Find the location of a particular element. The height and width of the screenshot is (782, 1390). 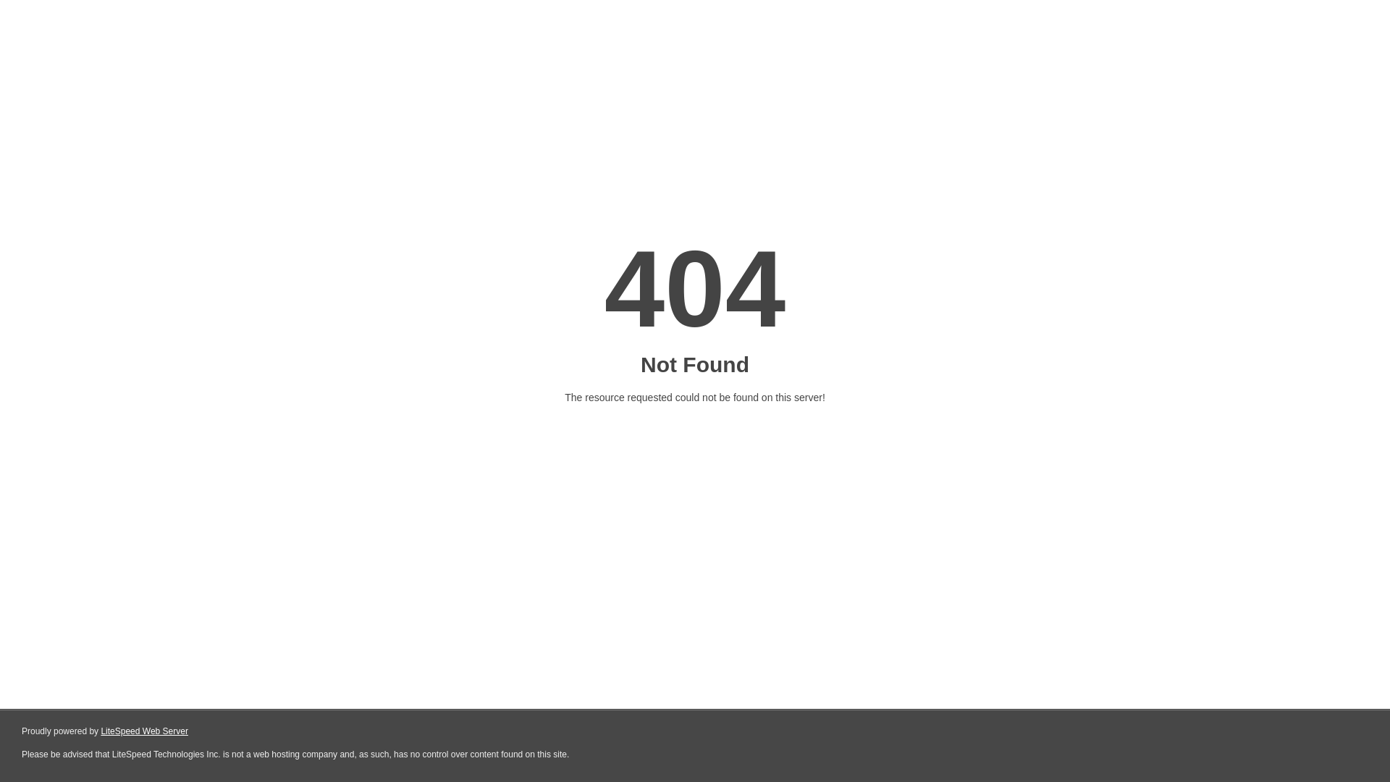

'LiteSpeed Web Server' is located at coordinates (100, 731).